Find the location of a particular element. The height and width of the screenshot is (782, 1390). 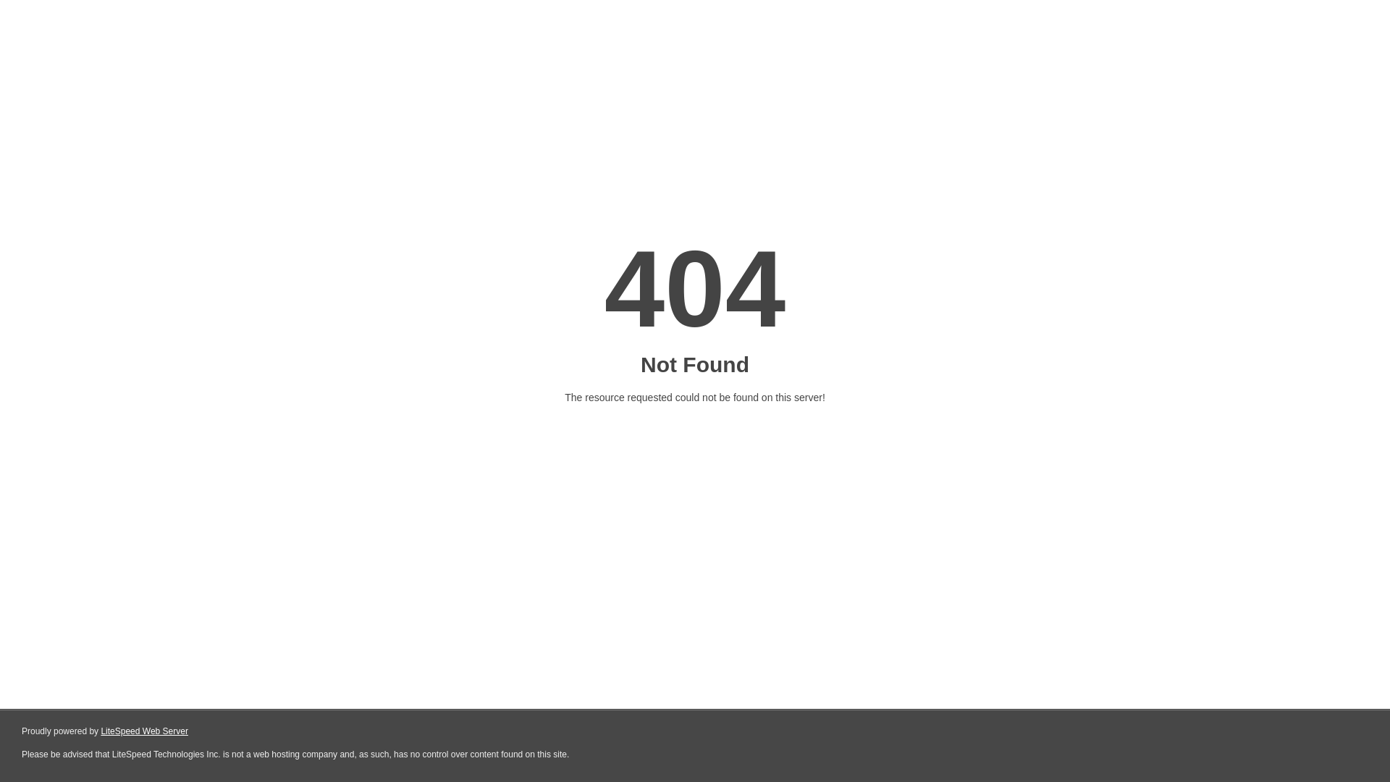

'LiteSpeed Web Server' is located at coordinates (100, 731).